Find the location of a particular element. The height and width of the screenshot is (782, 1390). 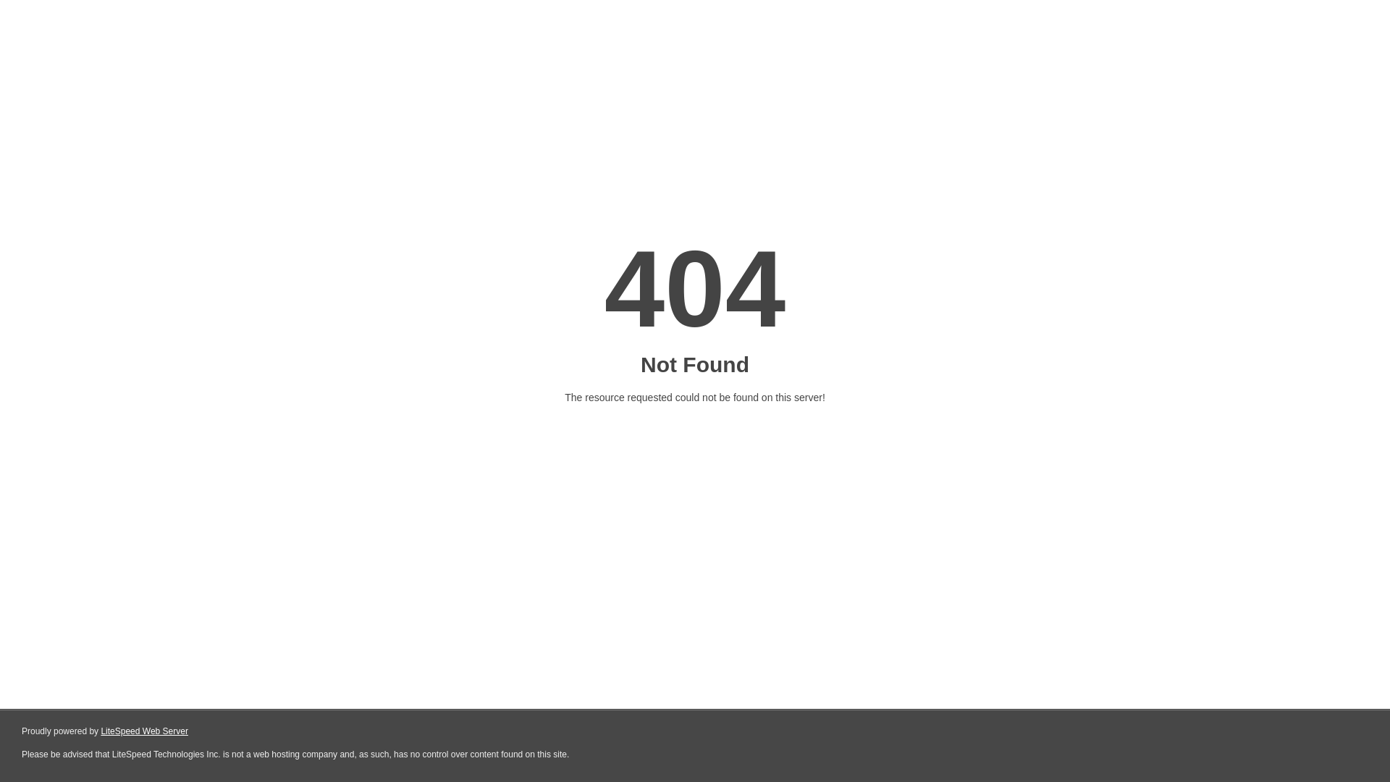

'LiteSpeed Web Server' is located at coordinates (100, 731).